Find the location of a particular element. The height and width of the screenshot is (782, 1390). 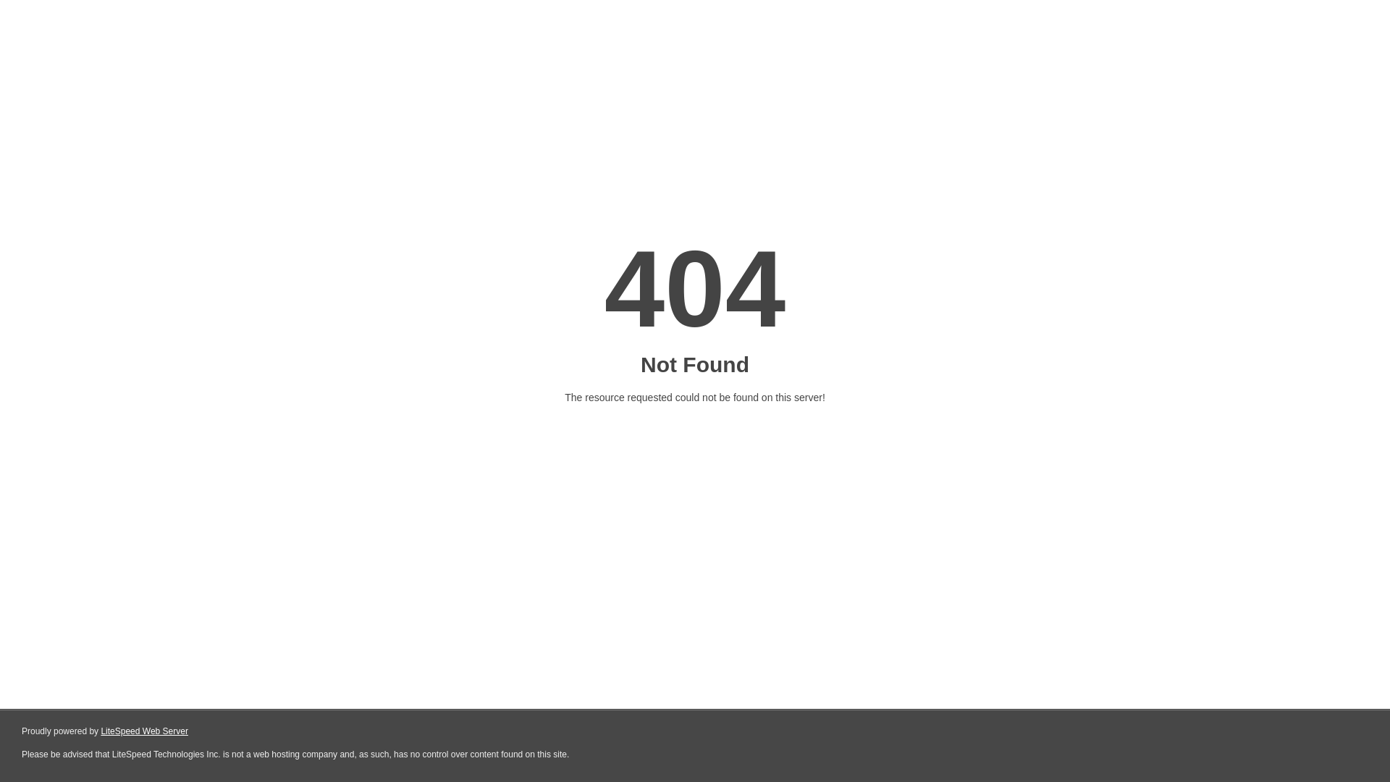

'LiteSpeed Web Server' is located at coordinates (100, 731).